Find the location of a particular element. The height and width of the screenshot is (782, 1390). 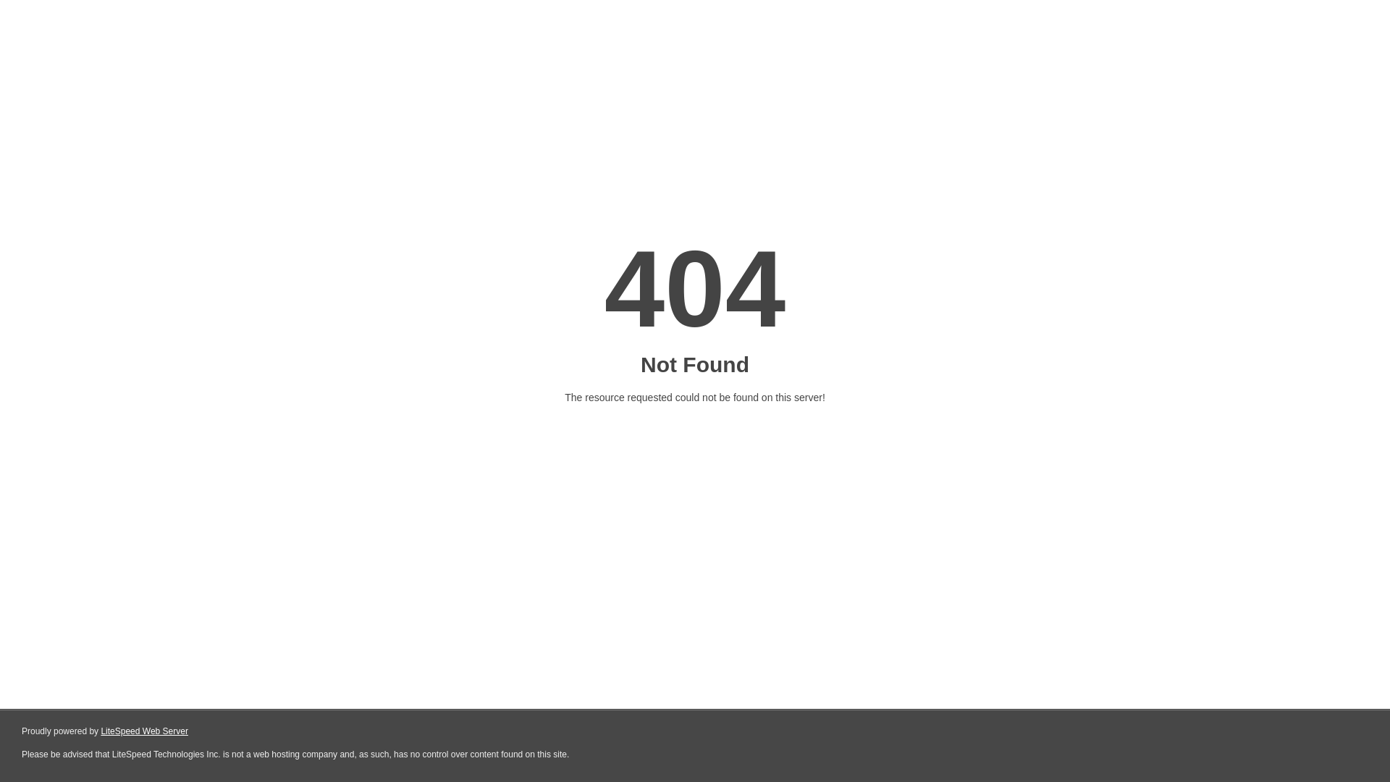

'LiteSpeed Web Server' is located at coordinates (100, 731).